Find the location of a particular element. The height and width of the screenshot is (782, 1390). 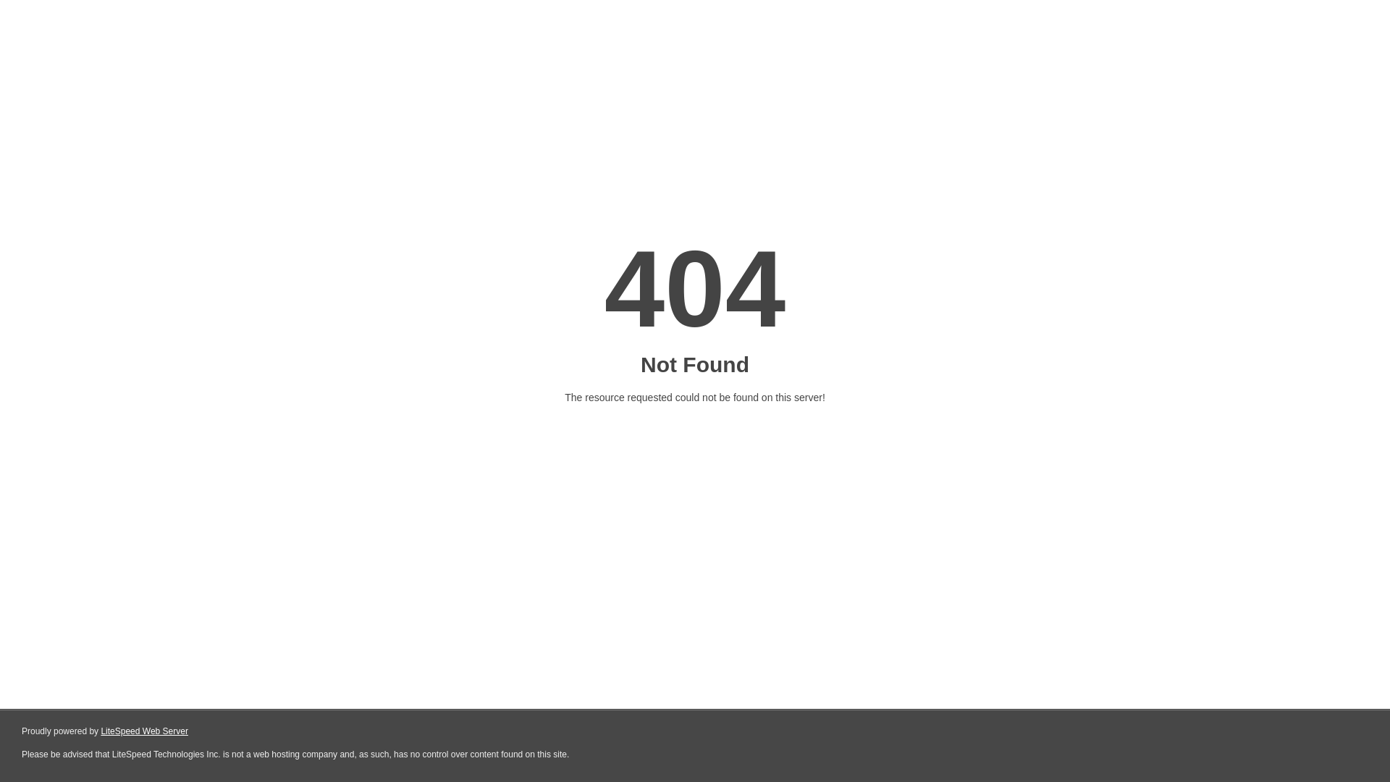

'LiteSpeed Web Server' is located at coordinates (100, 731).